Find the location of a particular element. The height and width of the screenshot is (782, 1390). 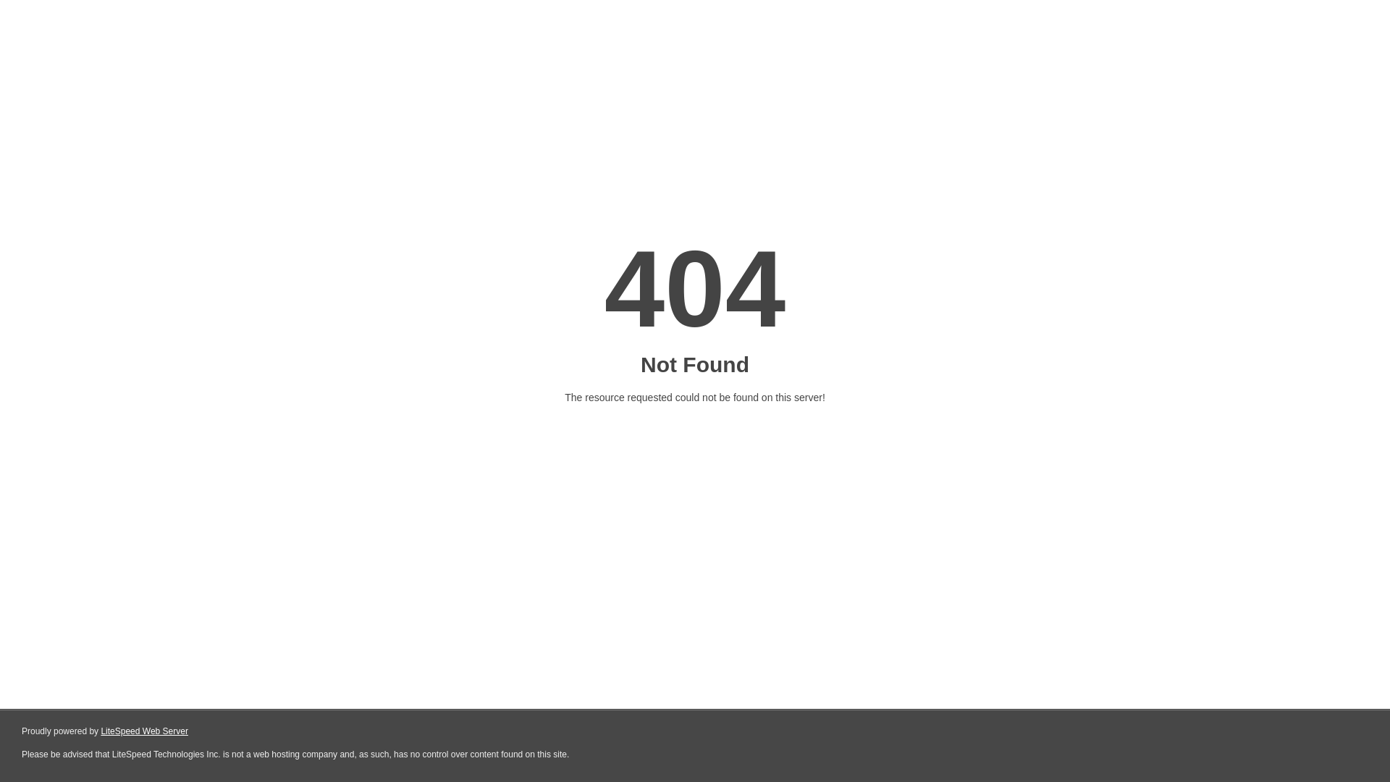

'LiteSpeed Web Server' is located at coordinates (100, 731).